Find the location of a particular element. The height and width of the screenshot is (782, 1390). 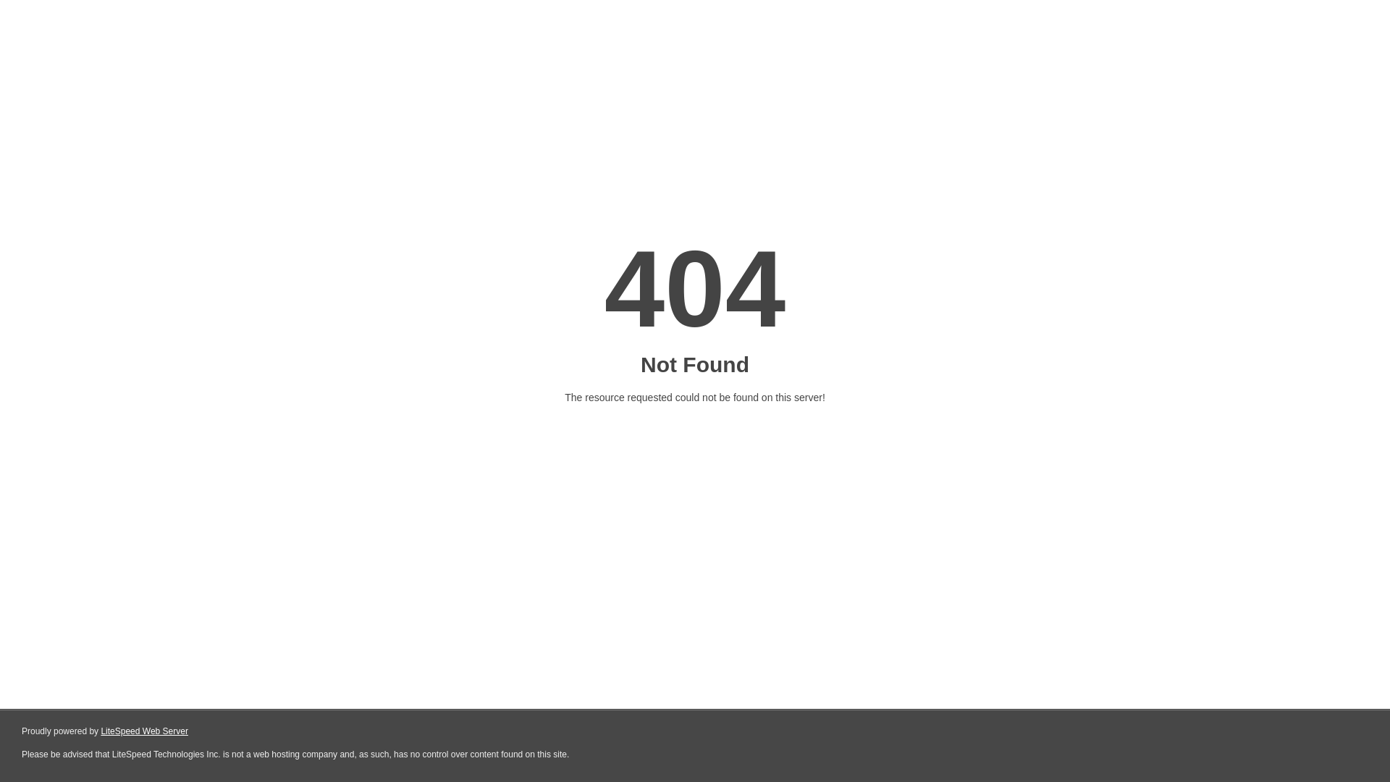

'LiteSpeed Web Server' is located at coordinates (100, 731).